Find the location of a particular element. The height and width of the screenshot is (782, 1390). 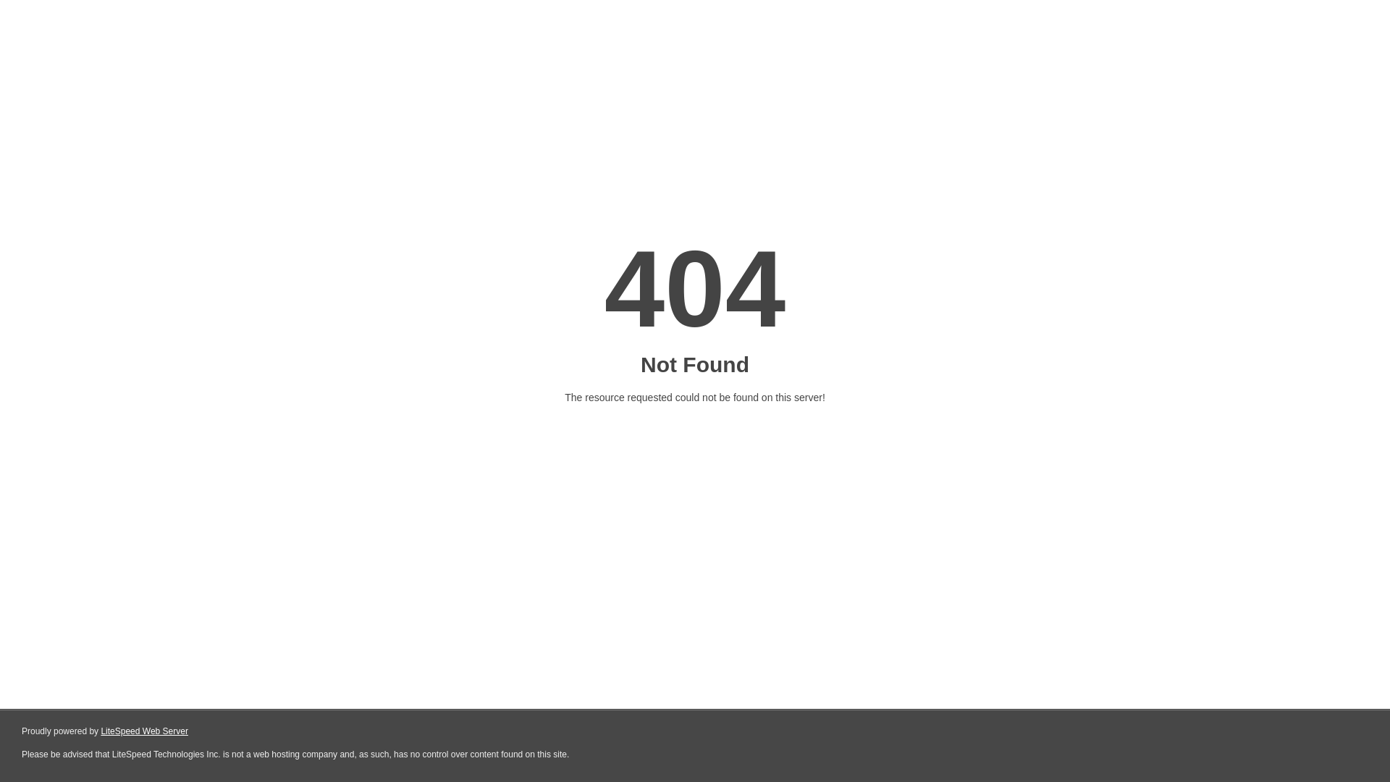

'LiteSpeed Web Server' is located at coordinates (100, 731).